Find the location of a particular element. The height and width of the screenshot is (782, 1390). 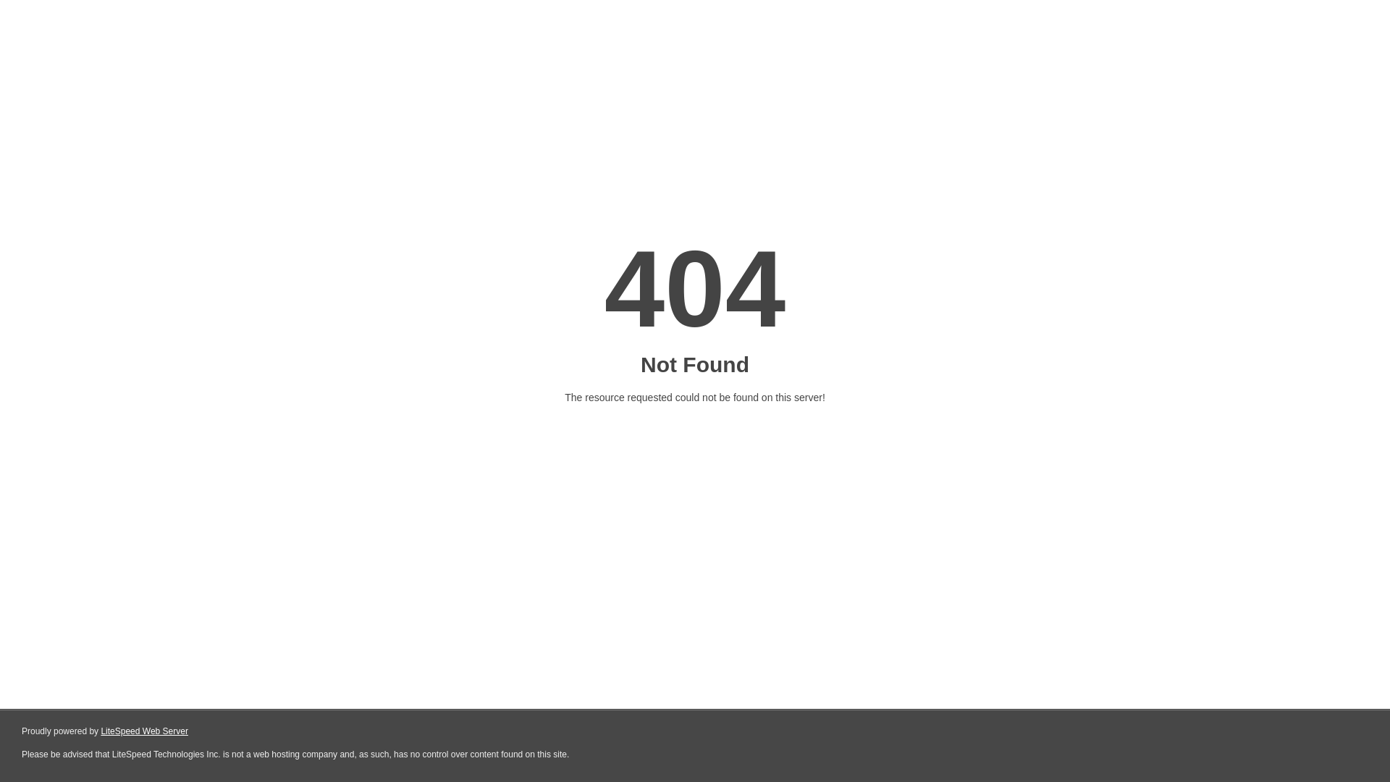

'LiteSpeed Web Server' is located at coordinates (100, 731).